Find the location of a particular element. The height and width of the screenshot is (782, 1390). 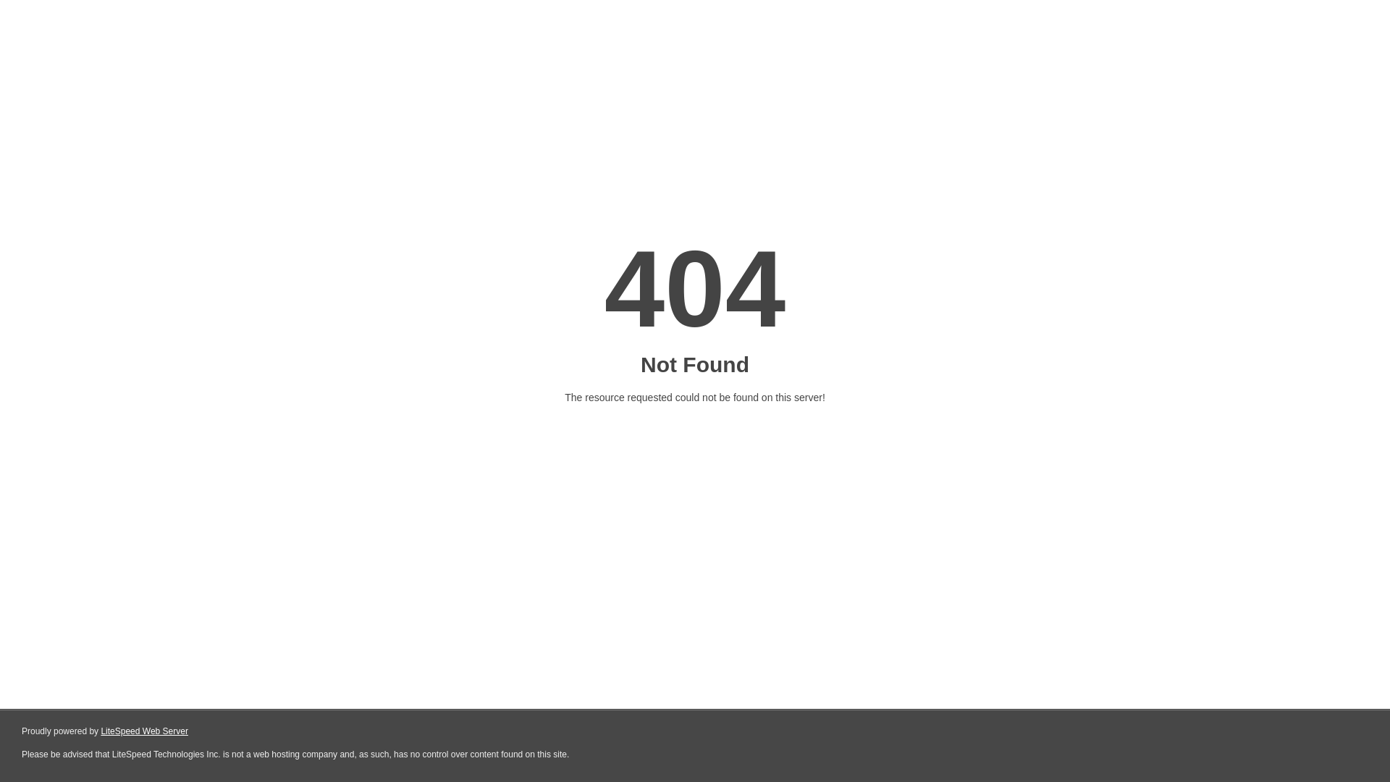

'LiteSpeed Web Server' is located at coordinates (100, 731).